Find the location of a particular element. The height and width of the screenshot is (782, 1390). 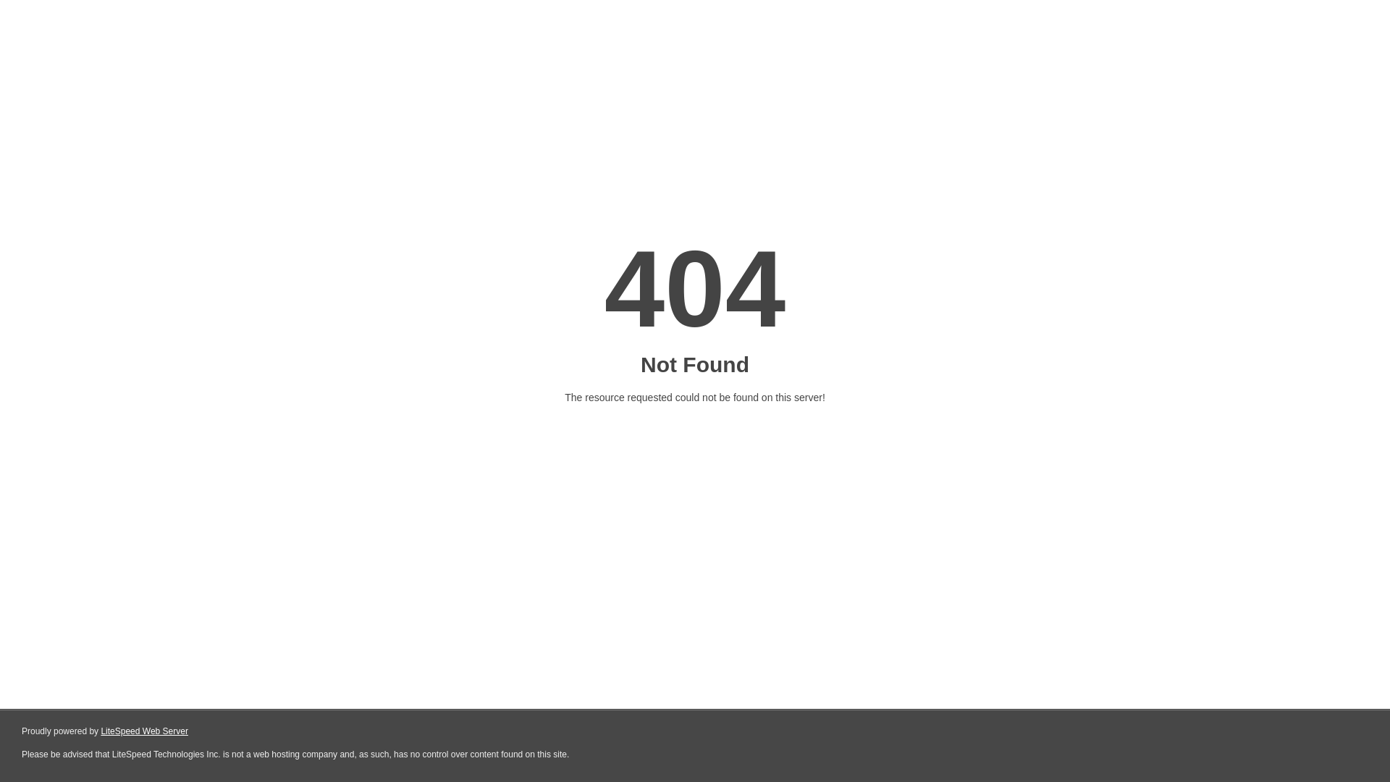

'LiteSpeed Web Server' is located at coordinates (100, 731).